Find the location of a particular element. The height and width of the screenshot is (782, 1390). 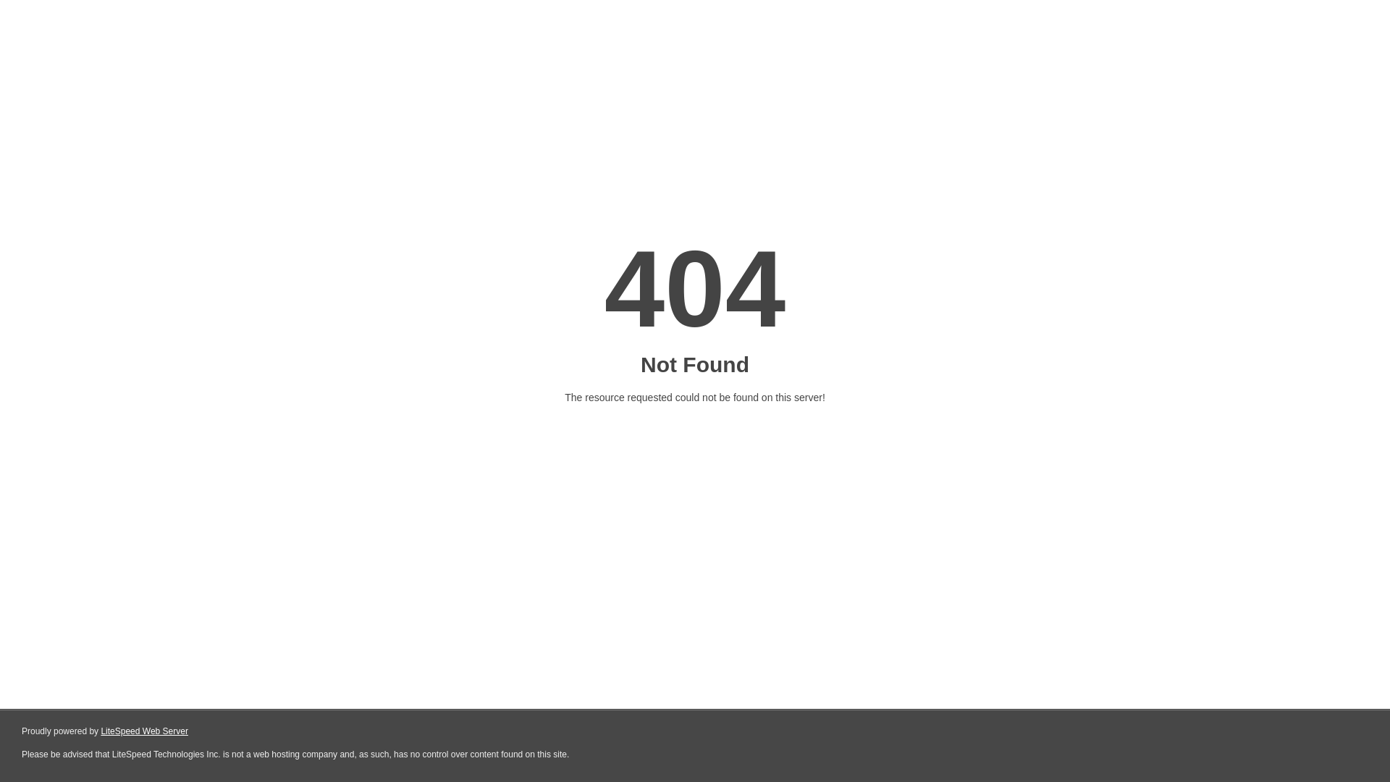

'LiteSpeed Web Server' is located at coordinates (100, 731).